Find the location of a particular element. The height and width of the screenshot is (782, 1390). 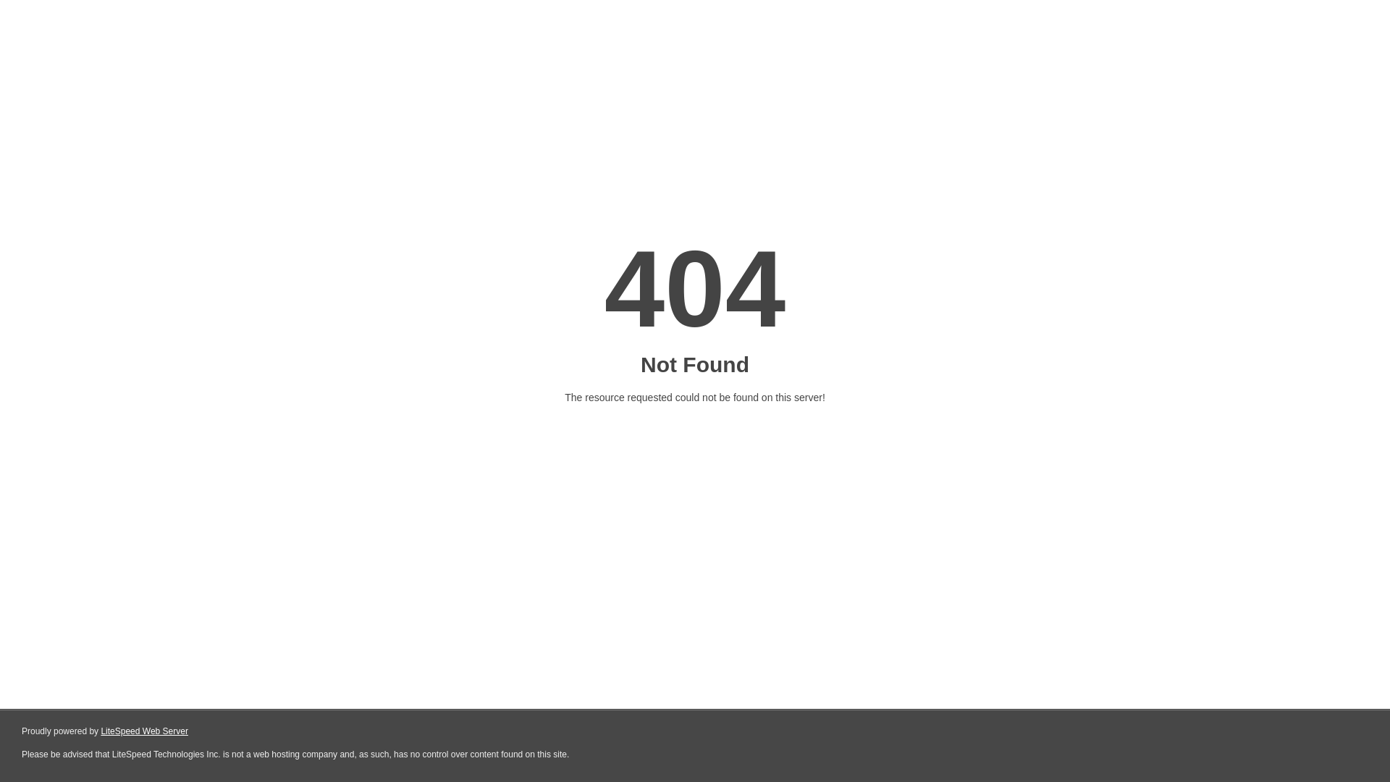

'LiteSpeed Web Server' is located at coordinates (100, 731).